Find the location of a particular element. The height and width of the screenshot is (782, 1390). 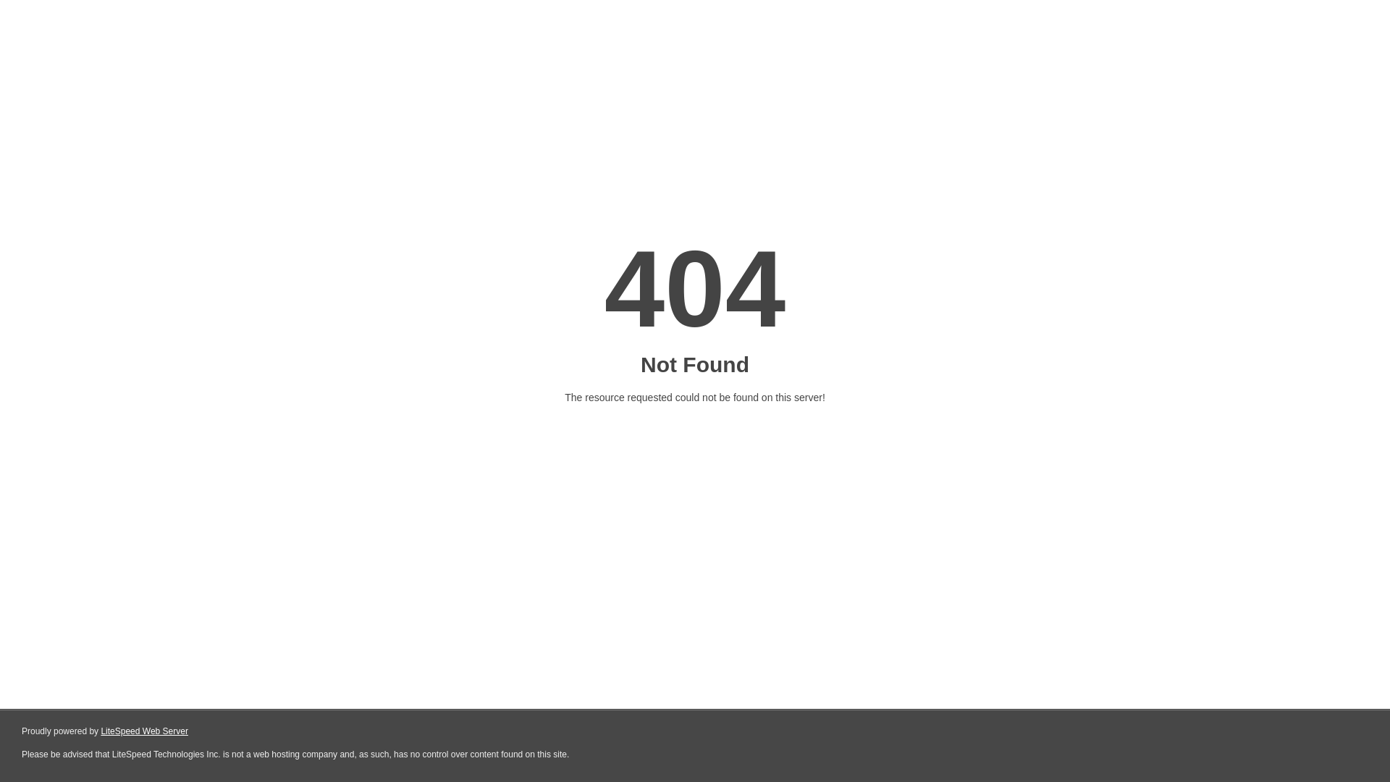

'LiteSpeed Web Server' is located at coordinates (100, 731).